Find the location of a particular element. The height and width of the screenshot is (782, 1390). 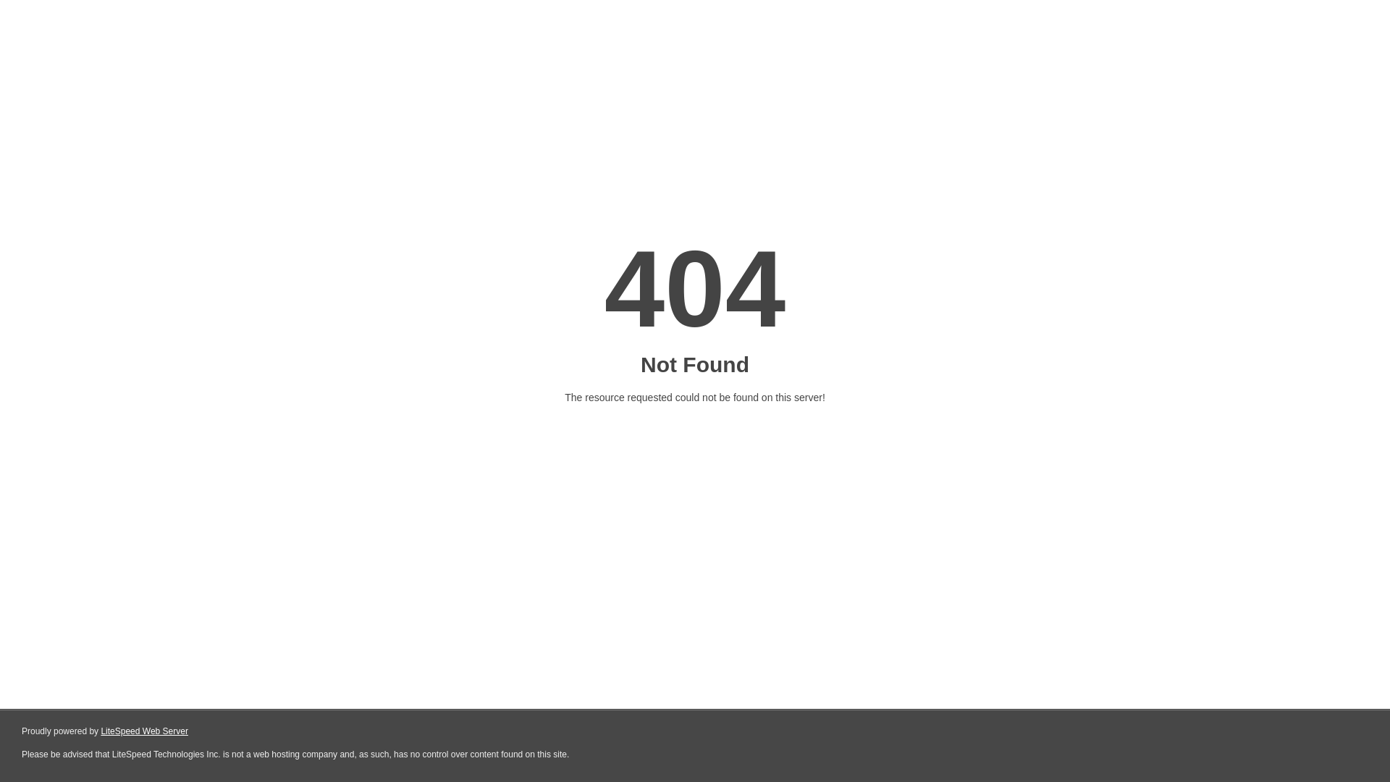

'LiteSpeed Web Server' is located at coordinates (100, 731).